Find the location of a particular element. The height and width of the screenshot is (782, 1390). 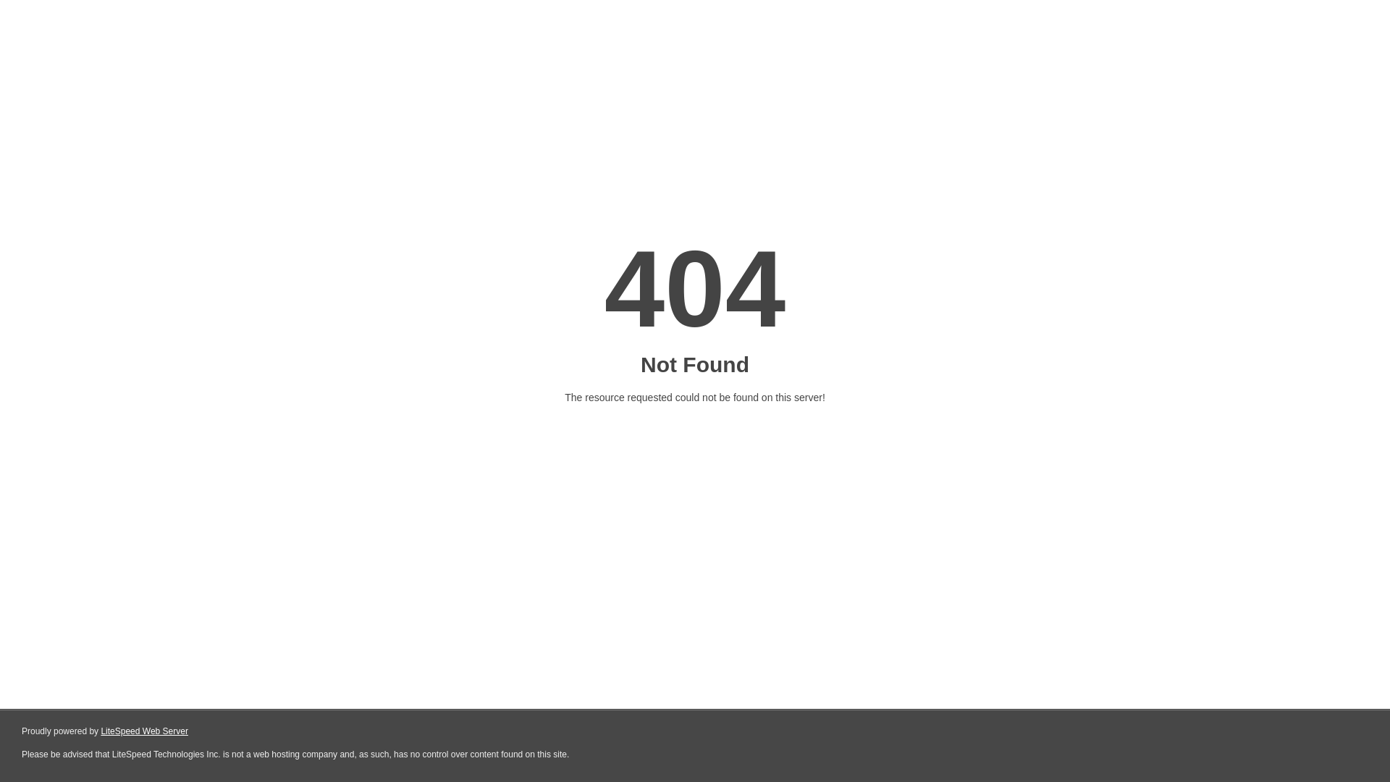

'LiteSpeed Web Server' is located at coordinates (100, 731).